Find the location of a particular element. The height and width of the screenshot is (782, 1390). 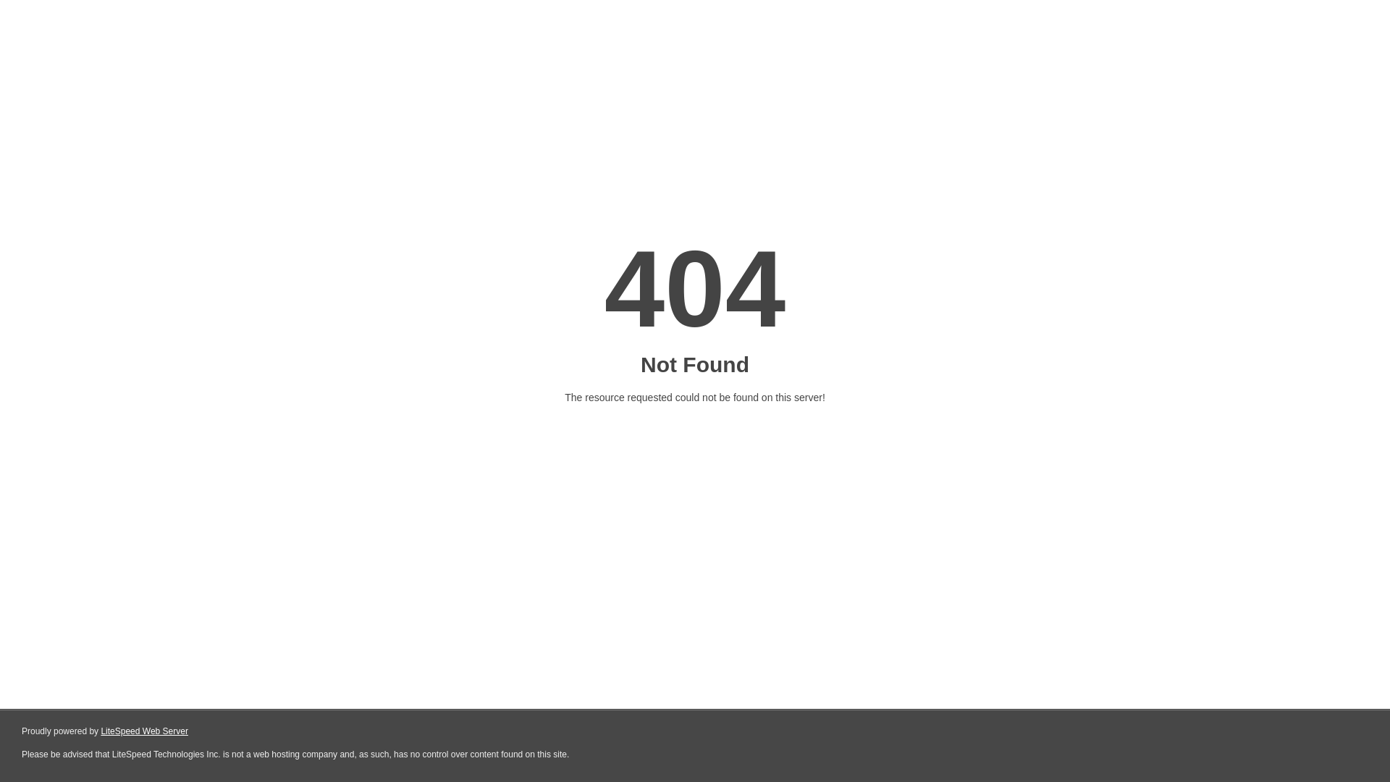

'LiteSpeed Web Server' is located at coordinates (100, 731).